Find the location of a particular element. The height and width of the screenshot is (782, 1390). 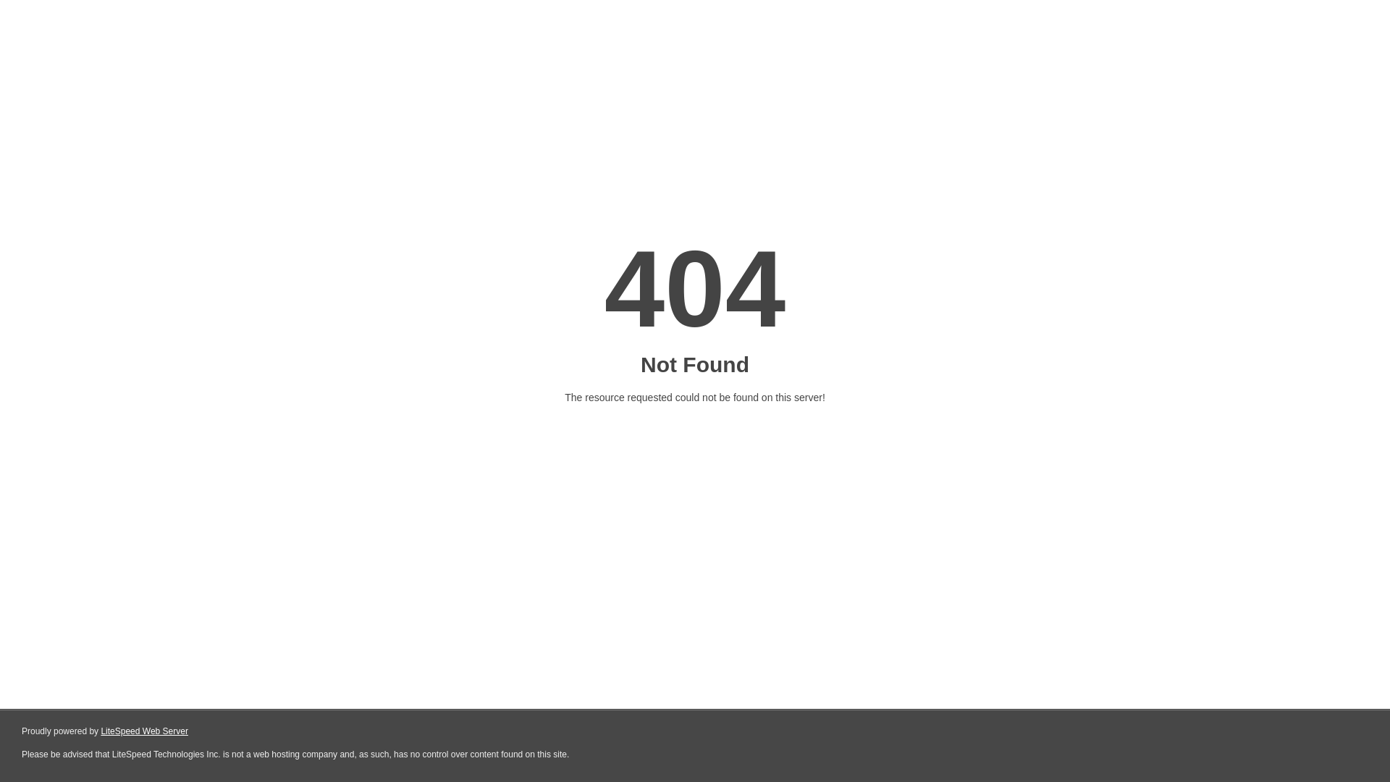

'LiteSpeed Web Server' is located at coordinates (100, 731).